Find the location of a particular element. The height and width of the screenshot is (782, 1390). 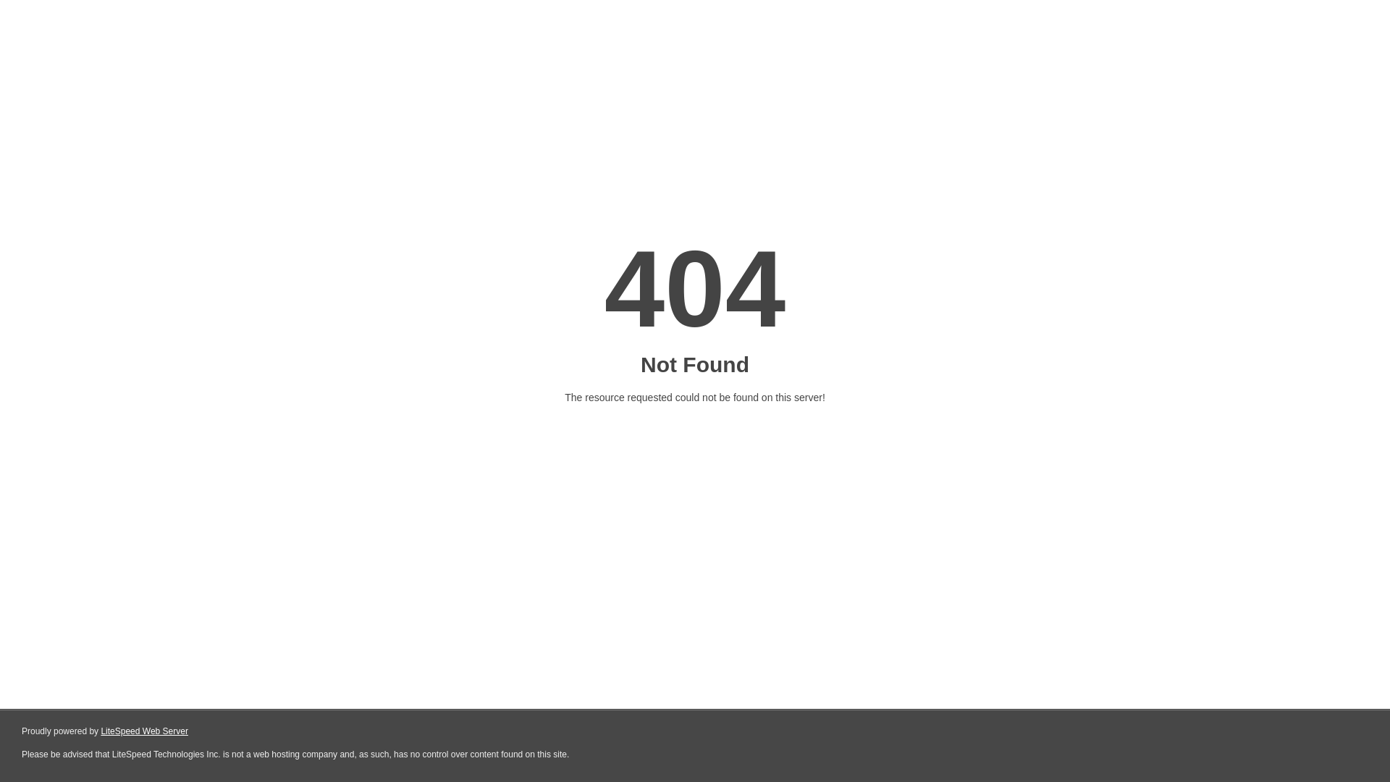

'LiteSpeed Web Server' is located at coordinates (100, 731).